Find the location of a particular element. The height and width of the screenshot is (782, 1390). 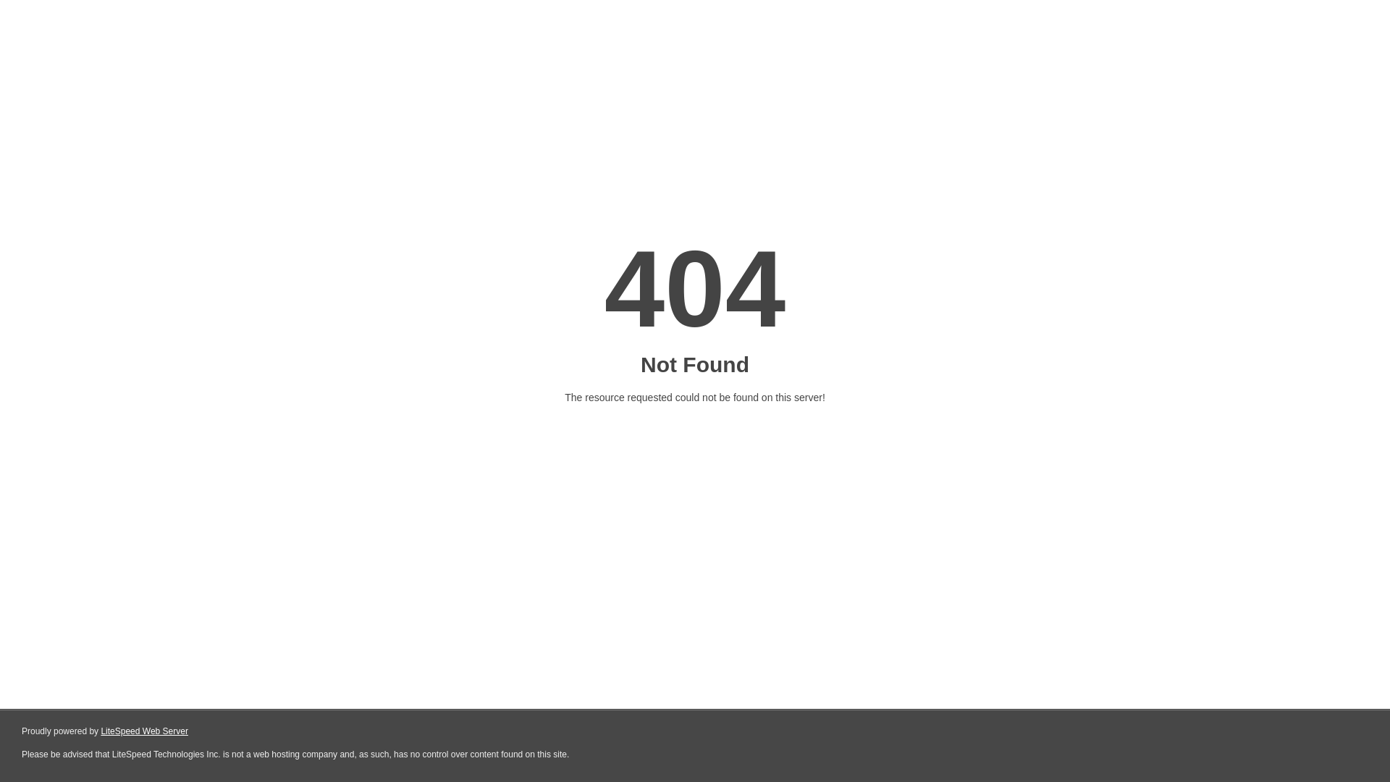

'LiteSpeed Web Server' is located at coordinates (100, 731).